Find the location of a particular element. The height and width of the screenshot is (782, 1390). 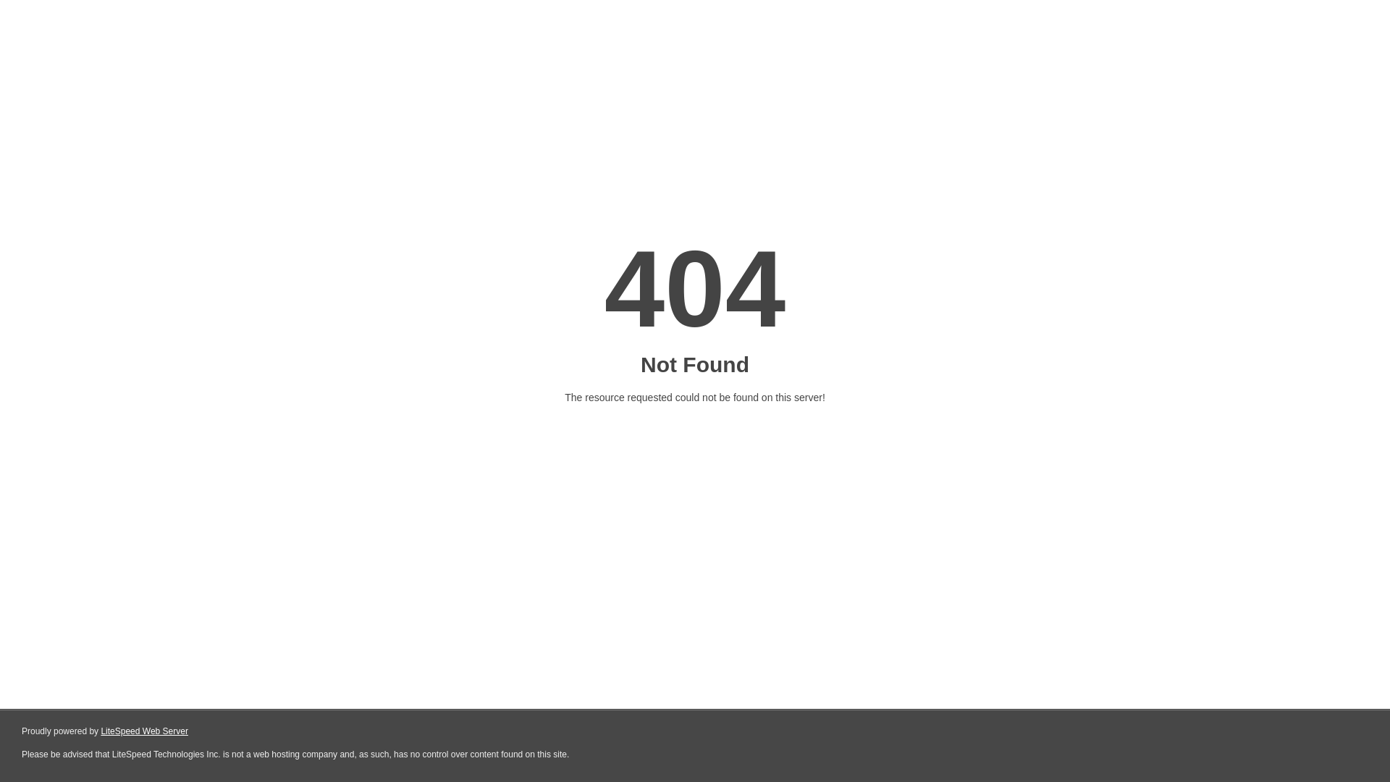

'LiteSpeed Web Server' is located at coordinates (100, 731).